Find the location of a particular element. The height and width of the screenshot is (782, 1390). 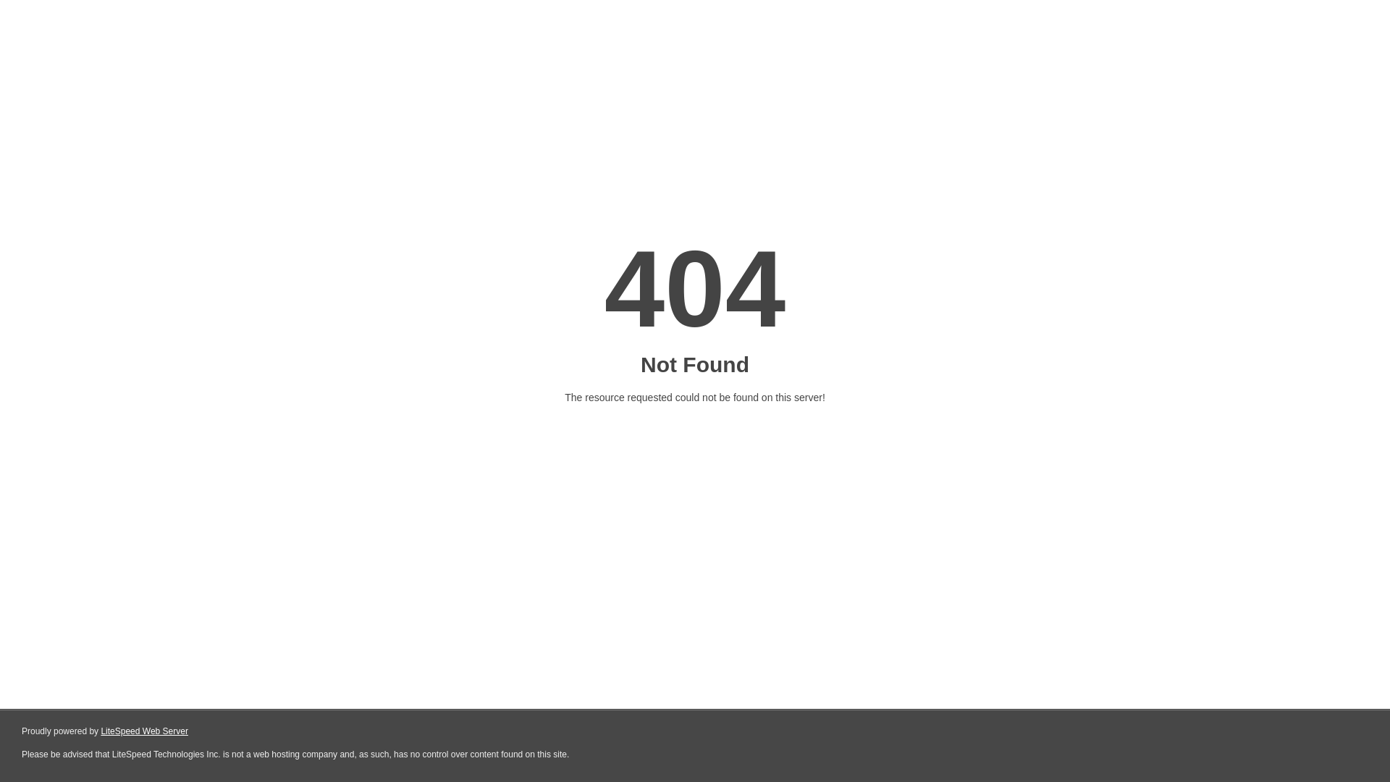

'LiteSpeed Web Server' is located at coordinates (100, 731).